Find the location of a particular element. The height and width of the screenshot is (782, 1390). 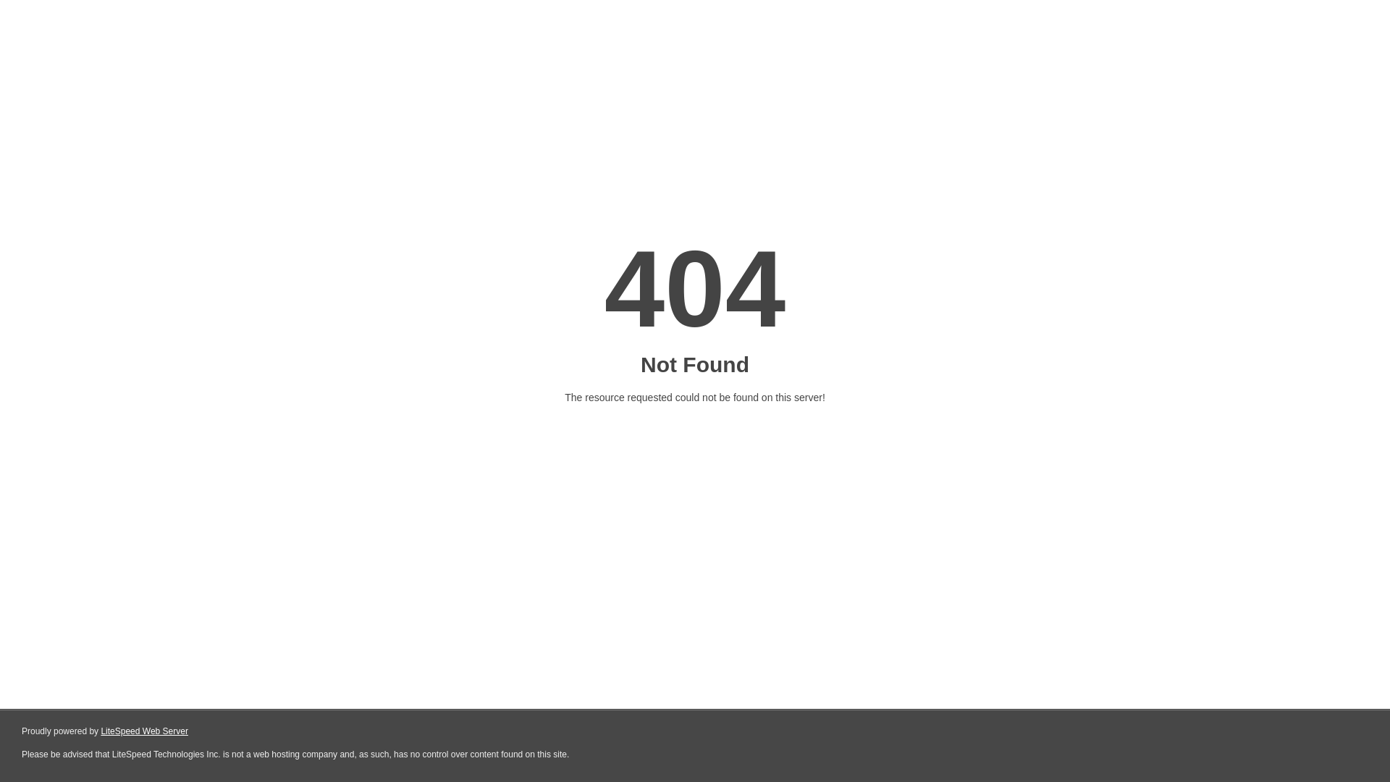

'LiteSpeed Web Server' is located at coordinates (100, 731).